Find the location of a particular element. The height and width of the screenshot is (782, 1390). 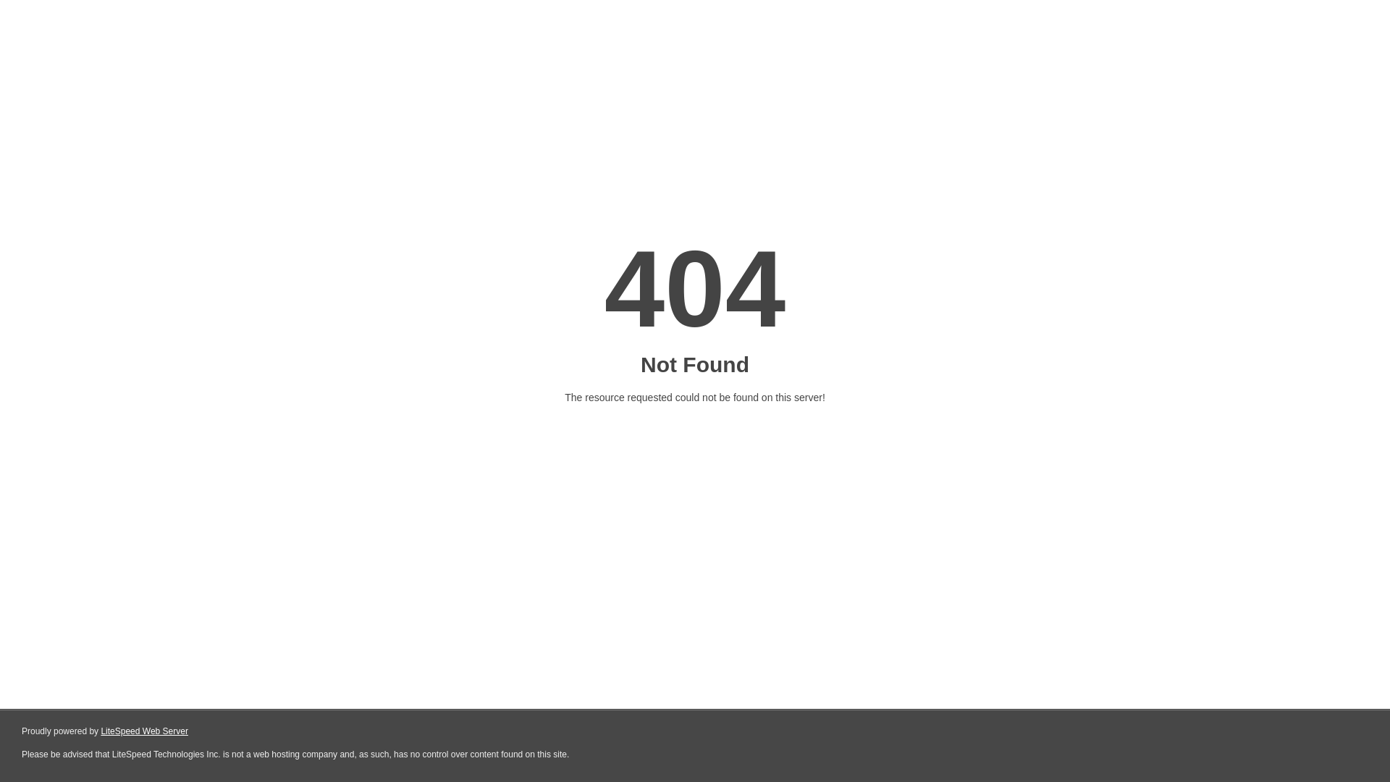

'LiteSpeed Web Server' is located at coordinates (100, 731).